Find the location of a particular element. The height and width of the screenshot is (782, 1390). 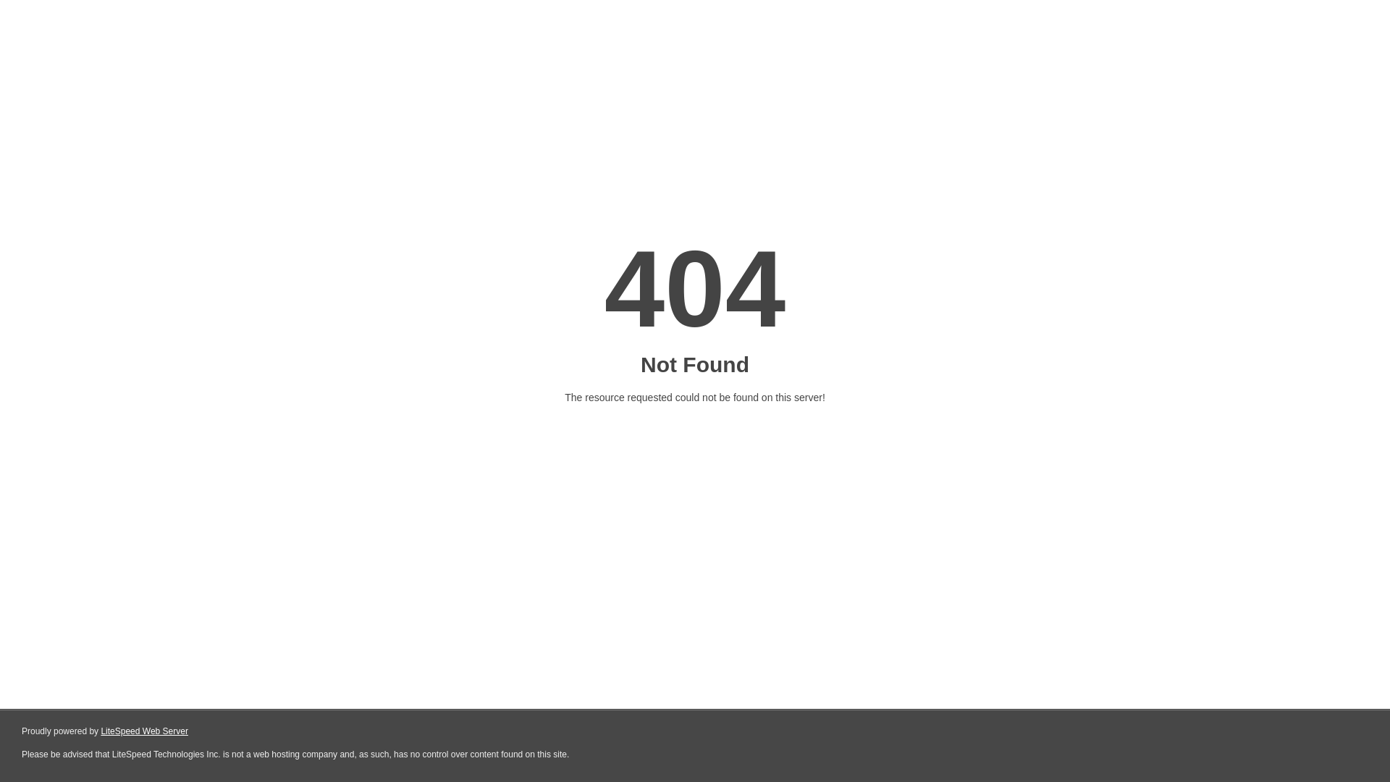

'LiteSpeed Web Server' is located at coordinates (100, 731).